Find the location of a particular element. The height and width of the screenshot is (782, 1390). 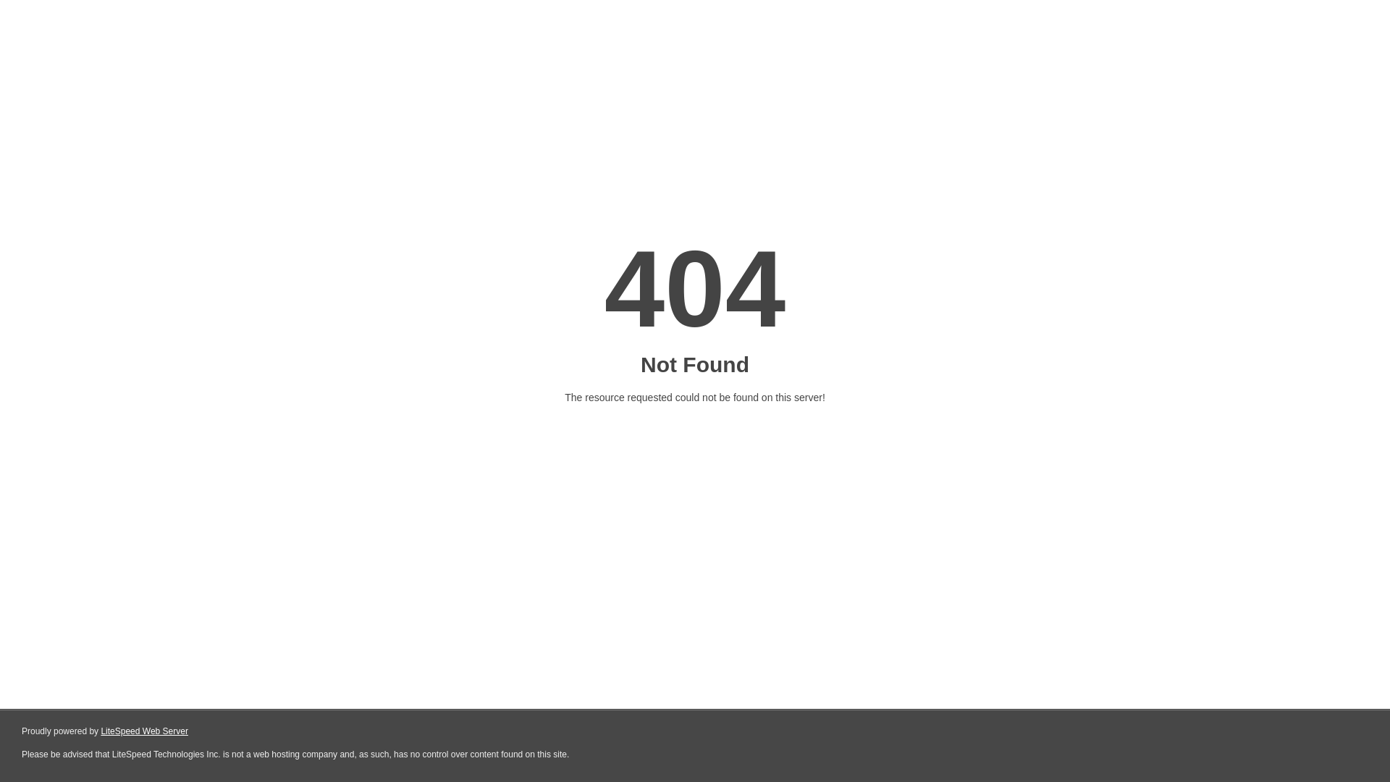

'LiteSpeed Web Server' is located at coordinates (100, 731).